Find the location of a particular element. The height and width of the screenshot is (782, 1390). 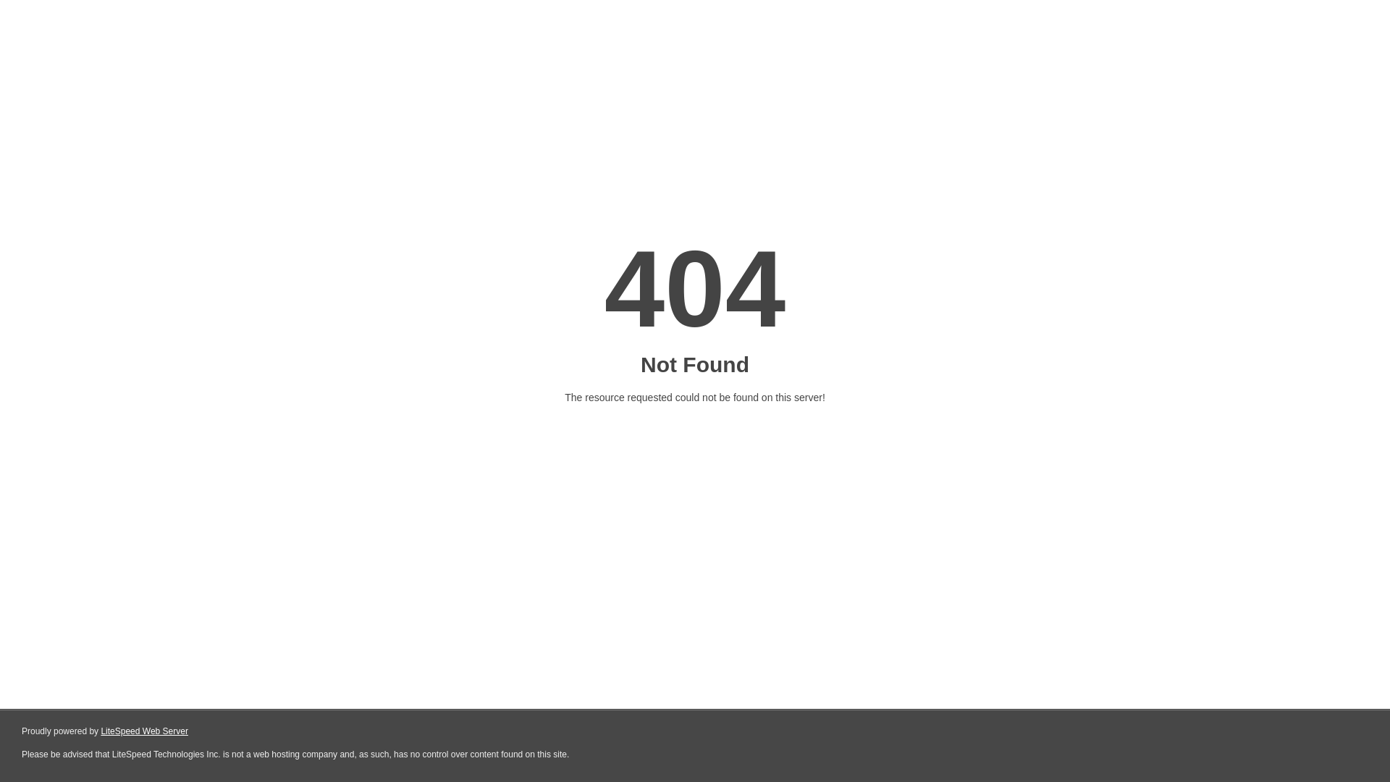

'LiteSpeed Web Server' is located at coordinates (100, 731).